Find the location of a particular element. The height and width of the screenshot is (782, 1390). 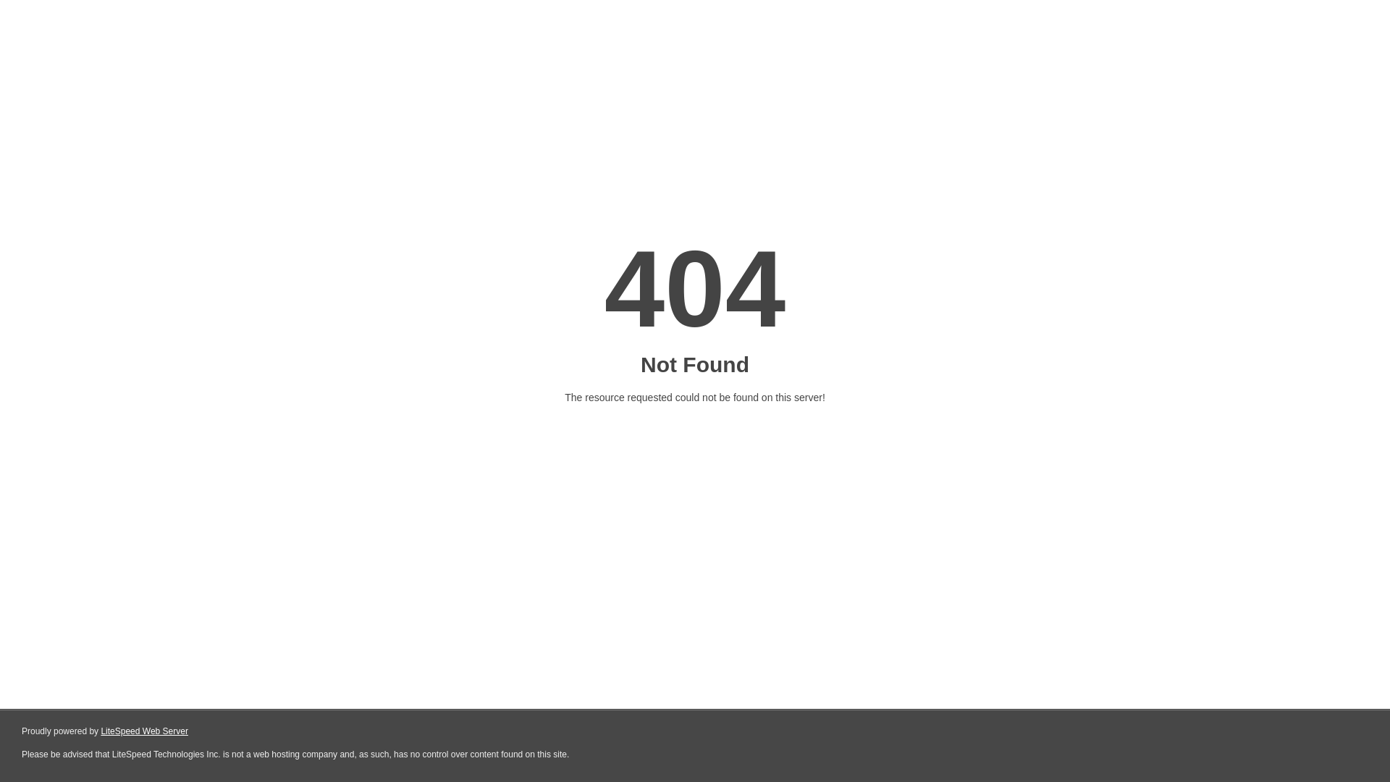

'LiteSpeed Web Server' is located at coordinates (100, 731).